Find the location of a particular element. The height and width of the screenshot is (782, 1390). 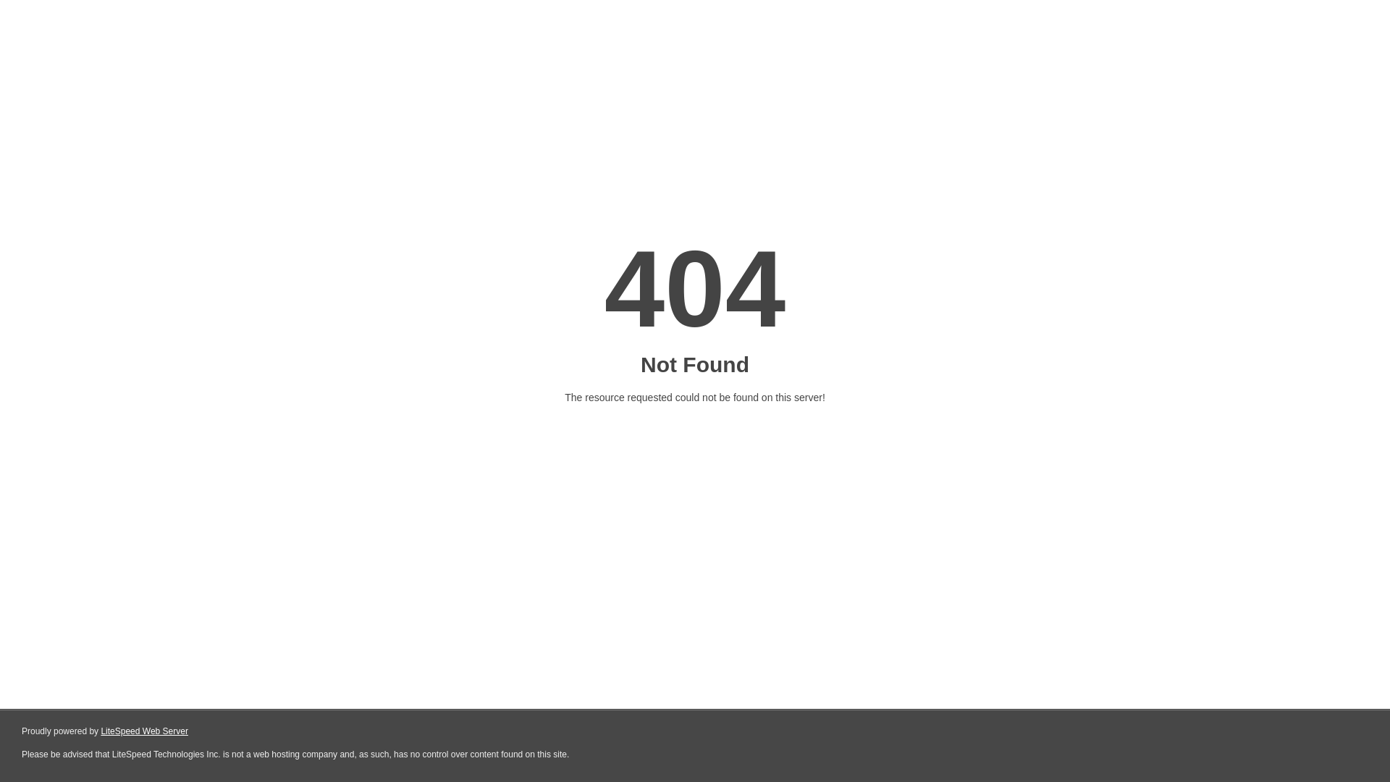

'LiteSpeed Web Server' is located at coordinates (100, 731).